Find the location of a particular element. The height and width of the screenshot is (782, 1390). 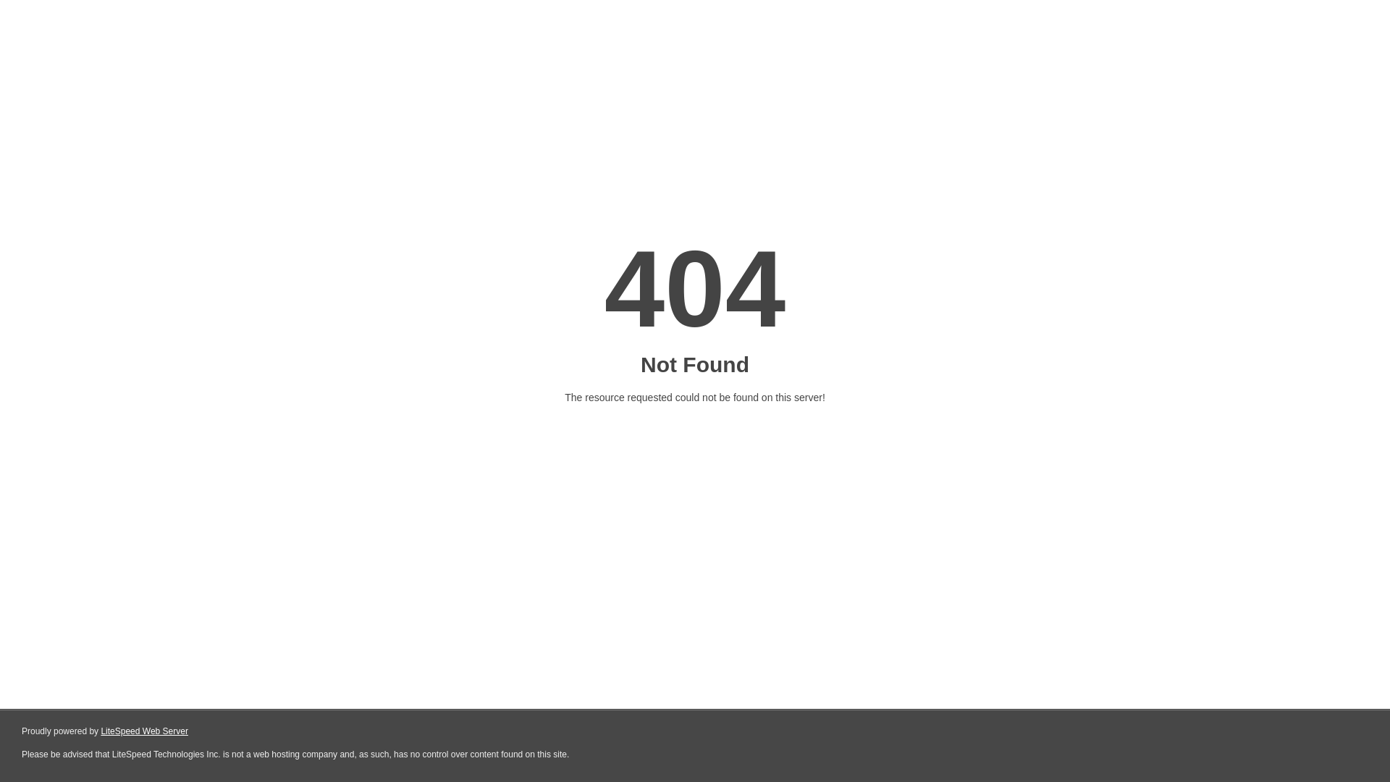

'LiteSpeed Web Server' is located at coordinates (100, 731).